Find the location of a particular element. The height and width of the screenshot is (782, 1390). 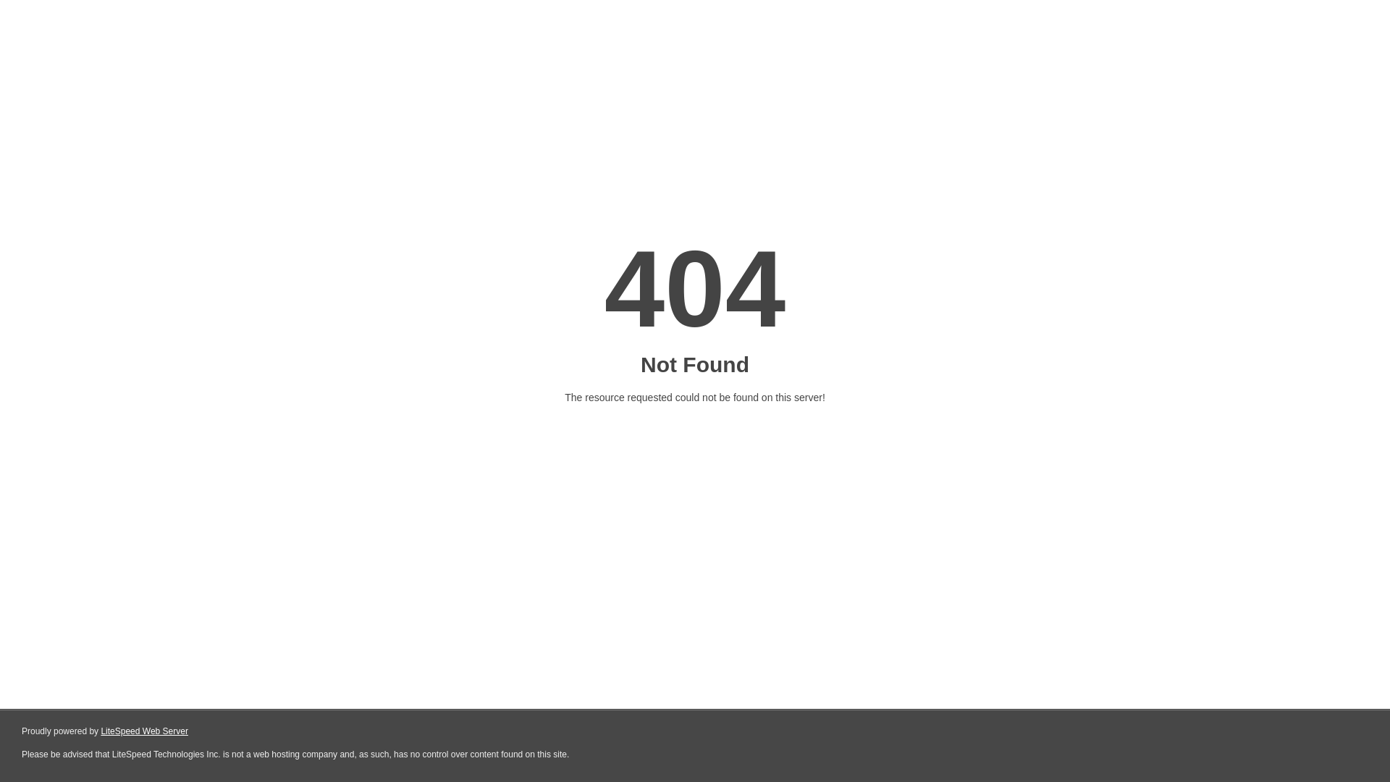

'LiteSpeed Web Server' is located at coordinates (100, 731).